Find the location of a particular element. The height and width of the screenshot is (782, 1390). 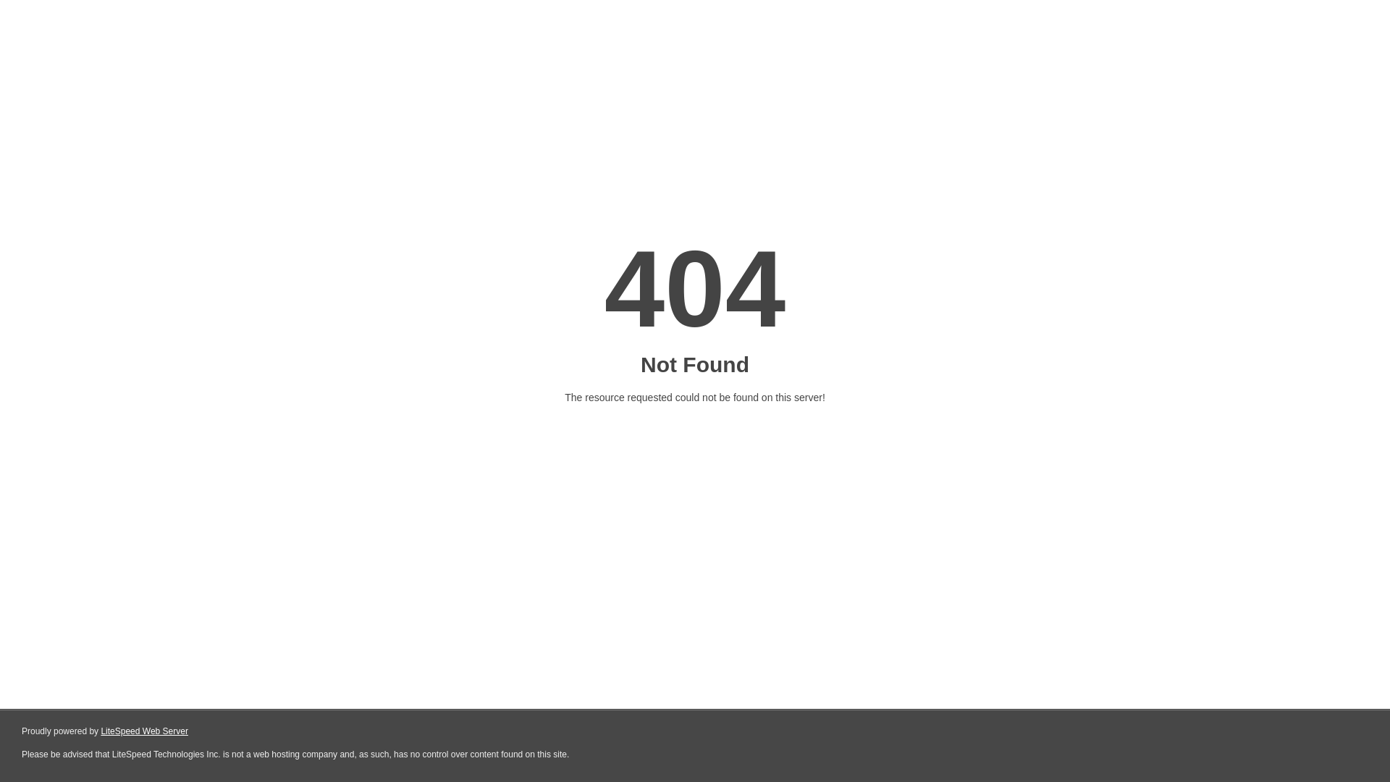

'LiteSpeed Web Server' is located at coordinates (100, 731).